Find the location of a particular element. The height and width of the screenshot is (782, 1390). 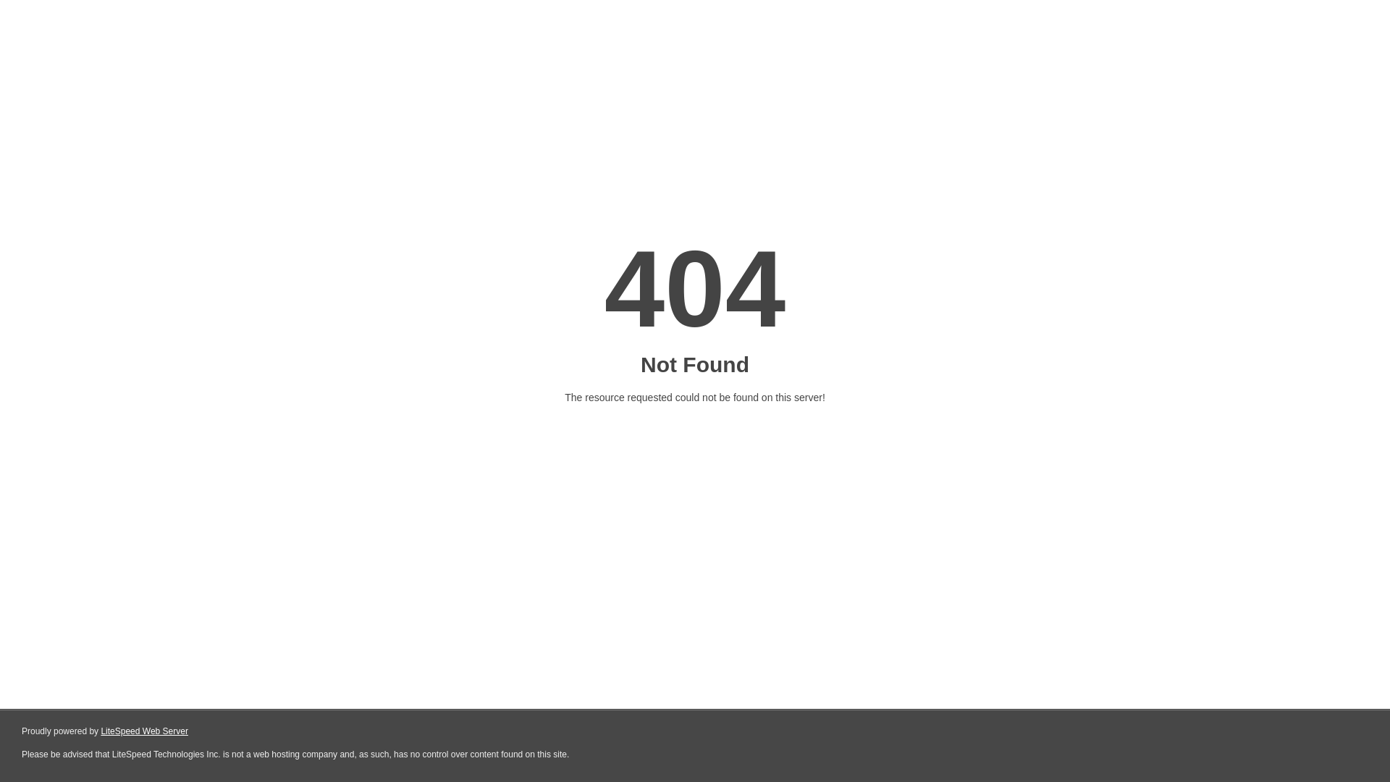

'LiteSpeed Web Server' is located at coordinates (100, 731).